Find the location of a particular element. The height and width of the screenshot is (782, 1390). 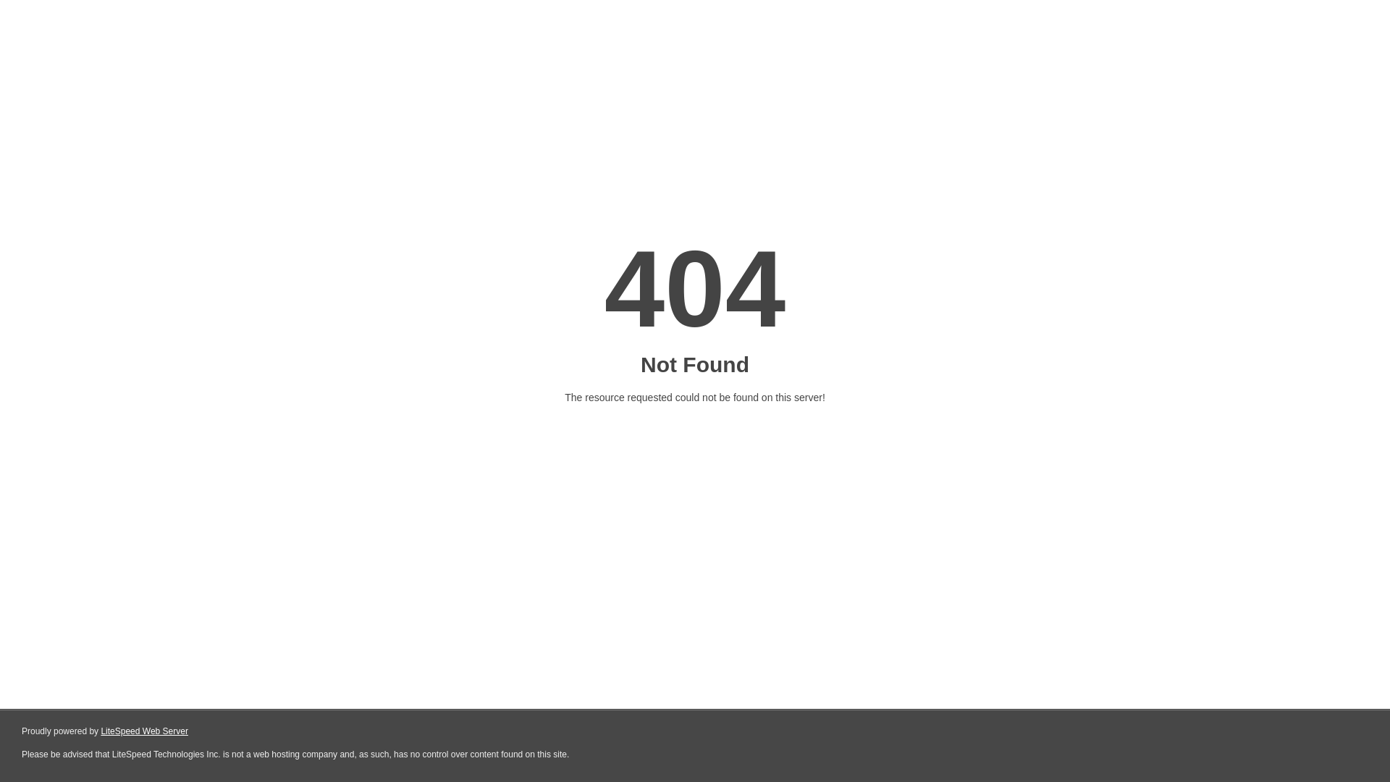

'LiteSpeed Web Server' is located at coordinates (100, 731).